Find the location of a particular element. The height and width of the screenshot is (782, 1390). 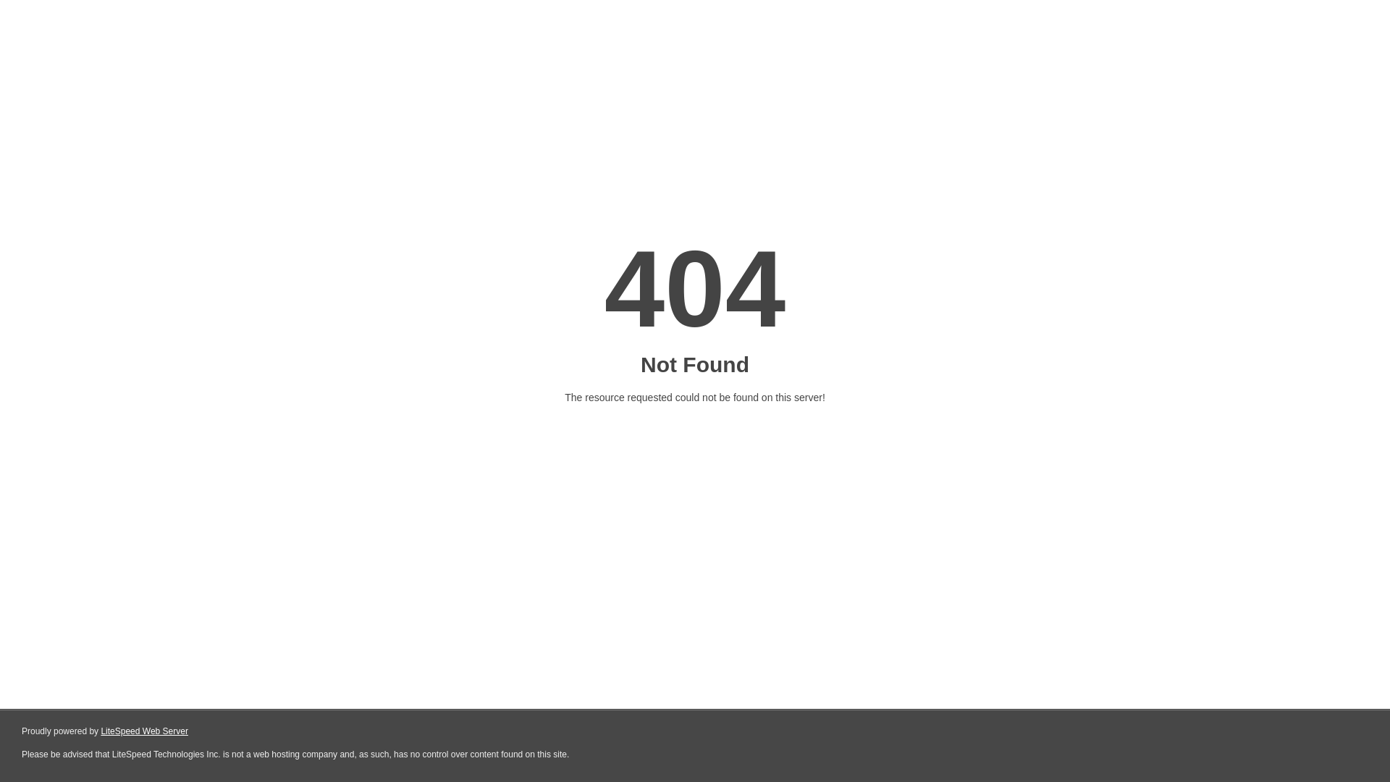

'LiteSpeed Web Server' is located at coordinates (100, 731).